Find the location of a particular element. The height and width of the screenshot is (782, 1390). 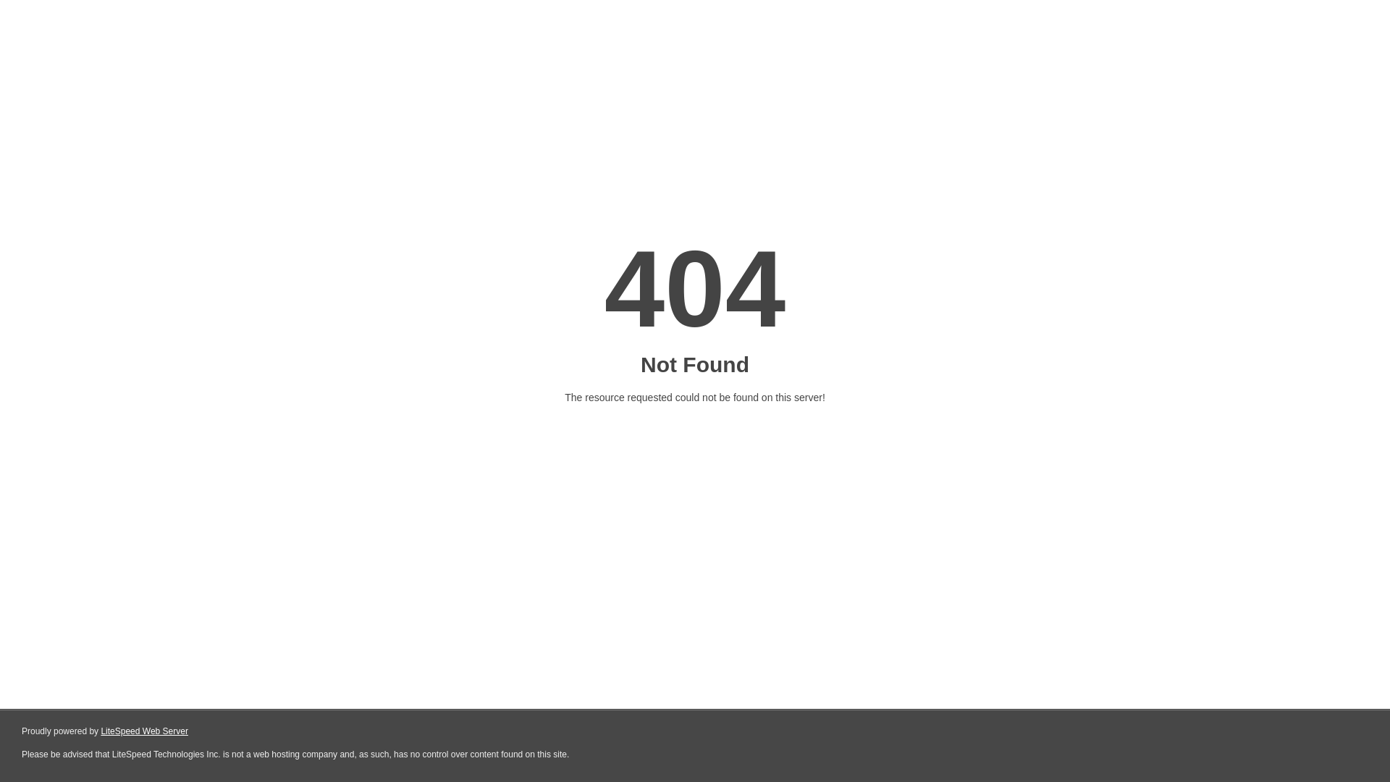

'LiteSpeed Web Server' is located at coordinates (100, 731).